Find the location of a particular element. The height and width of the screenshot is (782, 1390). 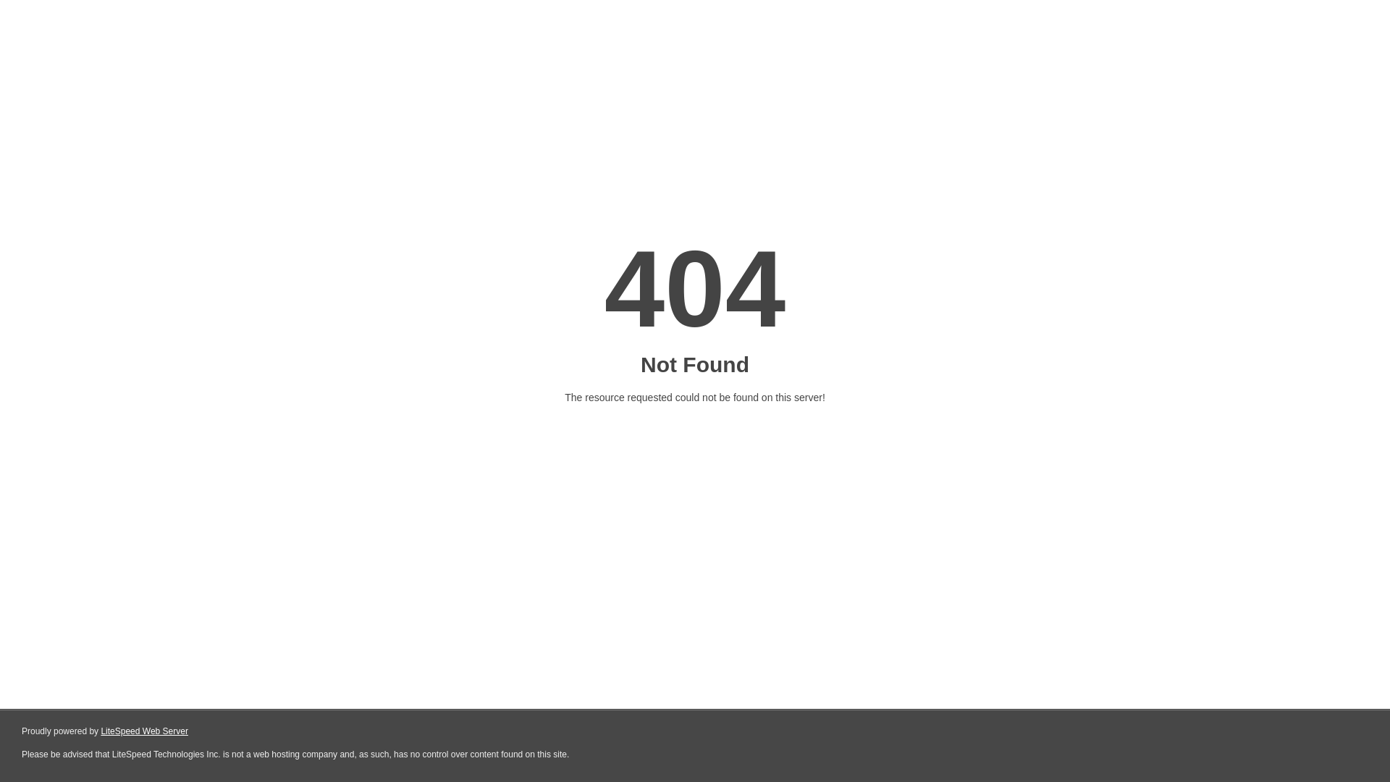

'LiteSpeed Web Server' is located at coordinates (100, 731).